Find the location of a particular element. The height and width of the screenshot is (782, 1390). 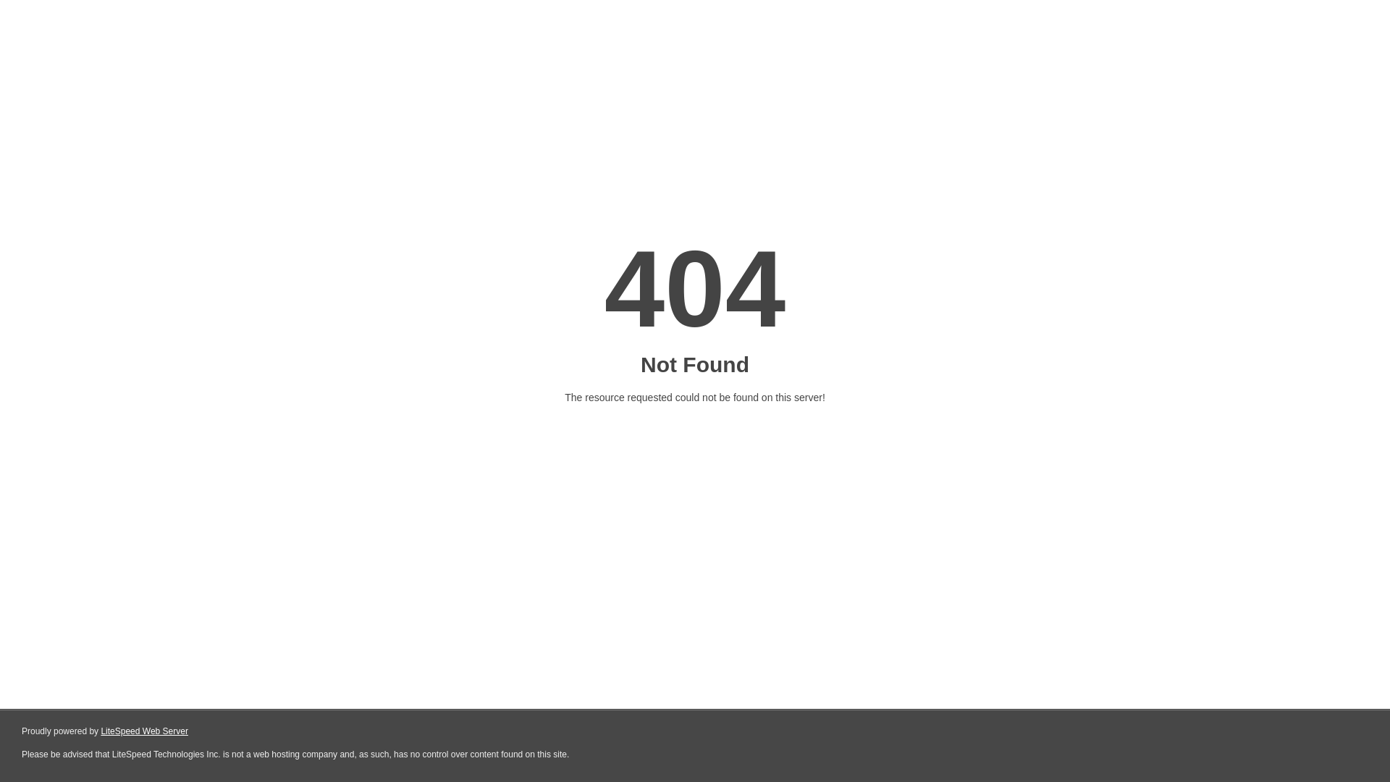

'LiteSpeed Web Server' is located at coordinates (100, 731).